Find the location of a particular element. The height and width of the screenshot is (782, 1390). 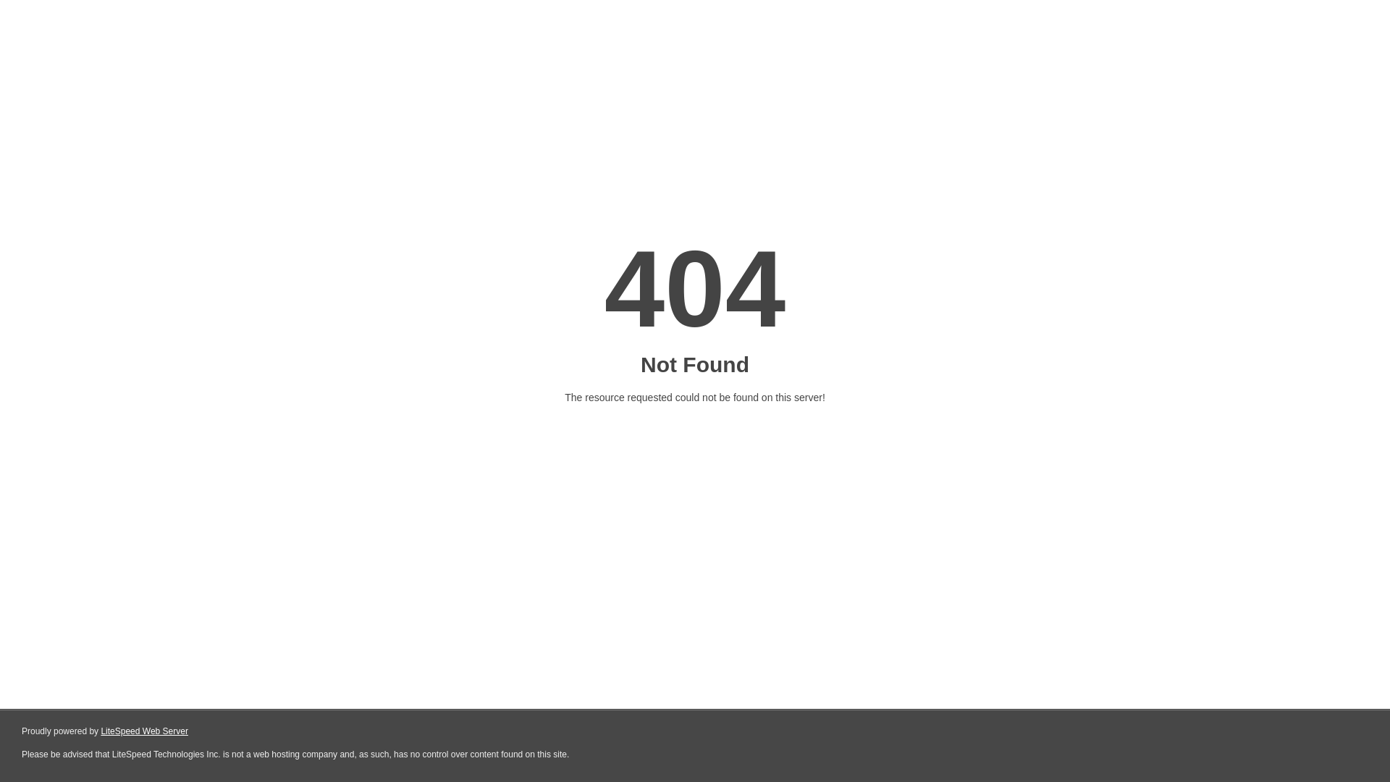

'LiteSpeed Web Server' is located at coordinates (100, 731).